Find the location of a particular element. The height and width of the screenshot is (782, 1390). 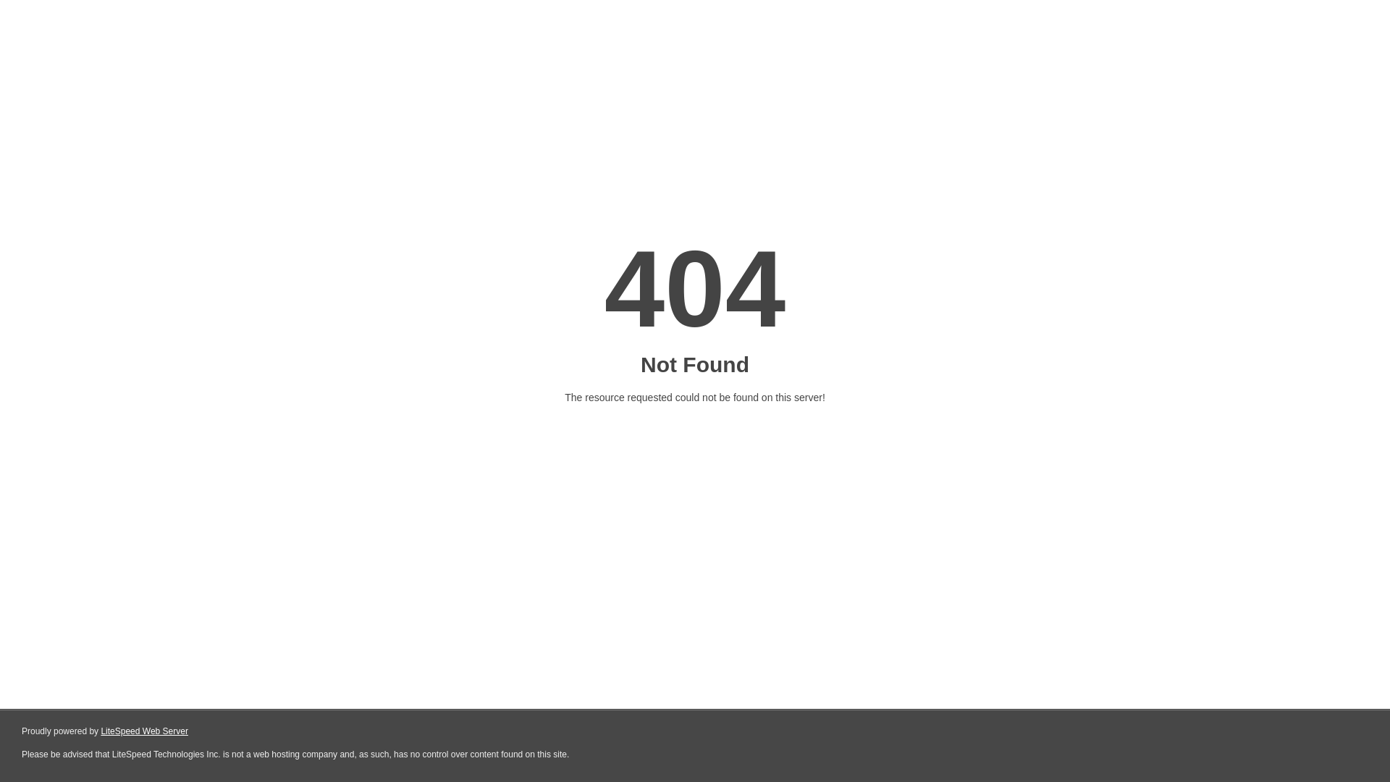

'LiteSpeed Web Server' is located at coordinates (100, 731).